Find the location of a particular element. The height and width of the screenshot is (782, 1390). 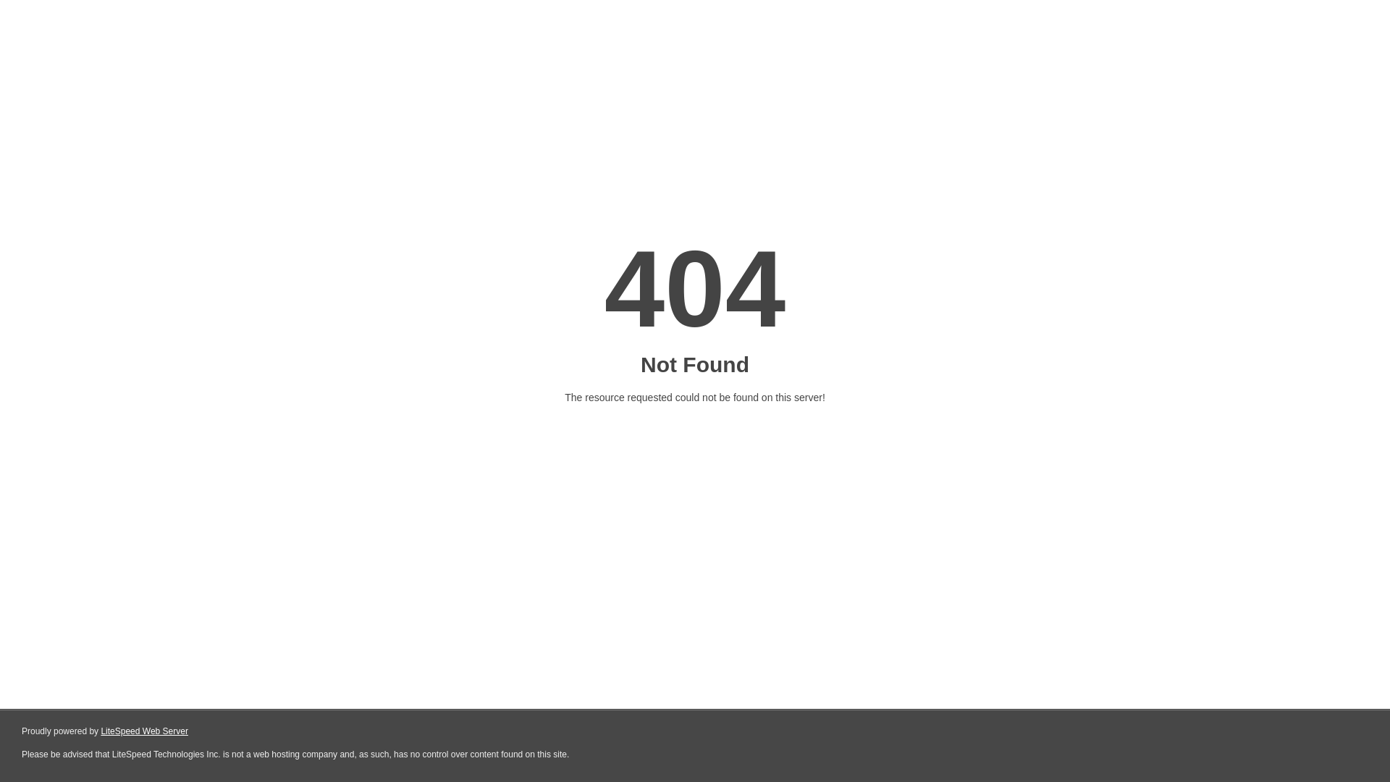

'LiteSpeed Web Server' is located at coordinates (100, 731).